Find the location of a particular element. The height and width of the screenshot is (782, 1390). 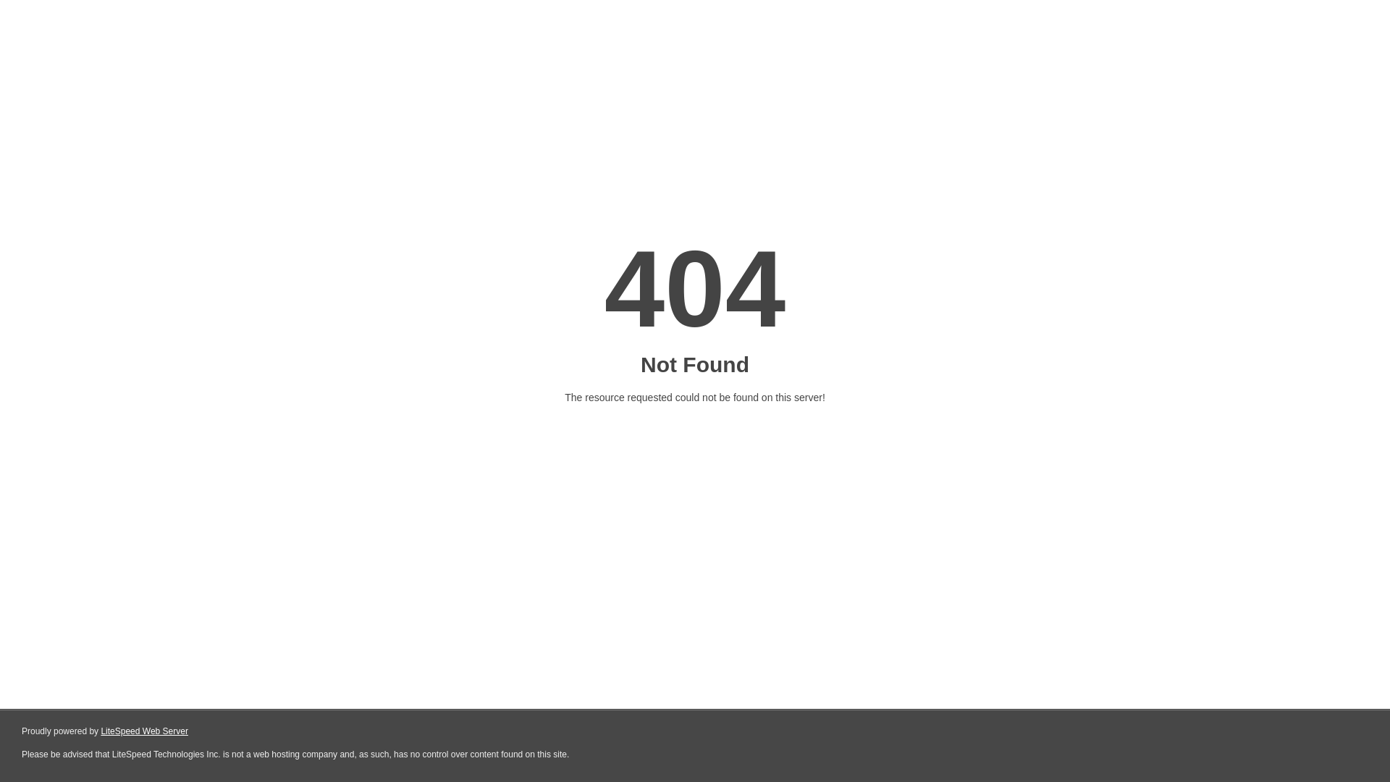

'LiteSpeed Web Server' is located at coordinates (100, 731).